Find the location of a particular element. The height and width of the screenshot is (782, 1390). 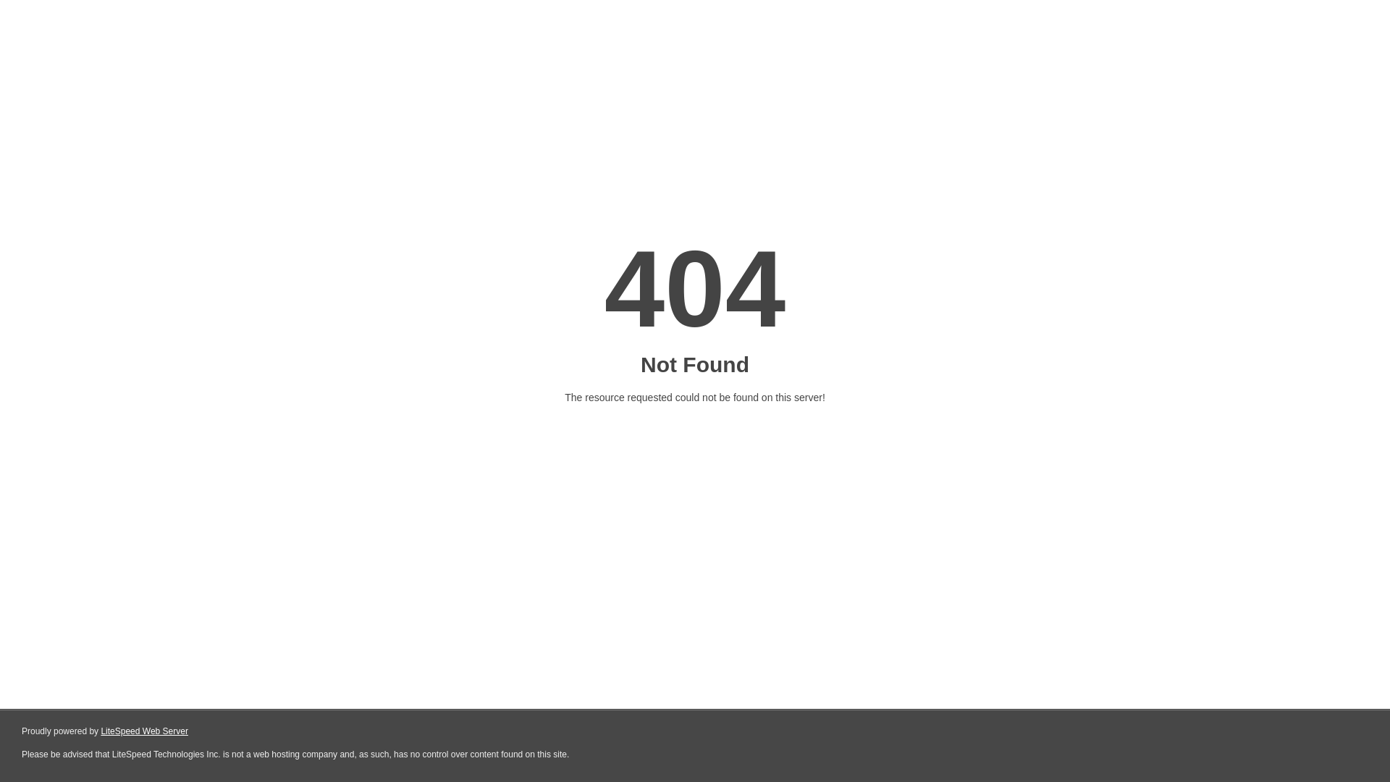

'LiteSpeed Web Server' is located at coordinates (100, 731).